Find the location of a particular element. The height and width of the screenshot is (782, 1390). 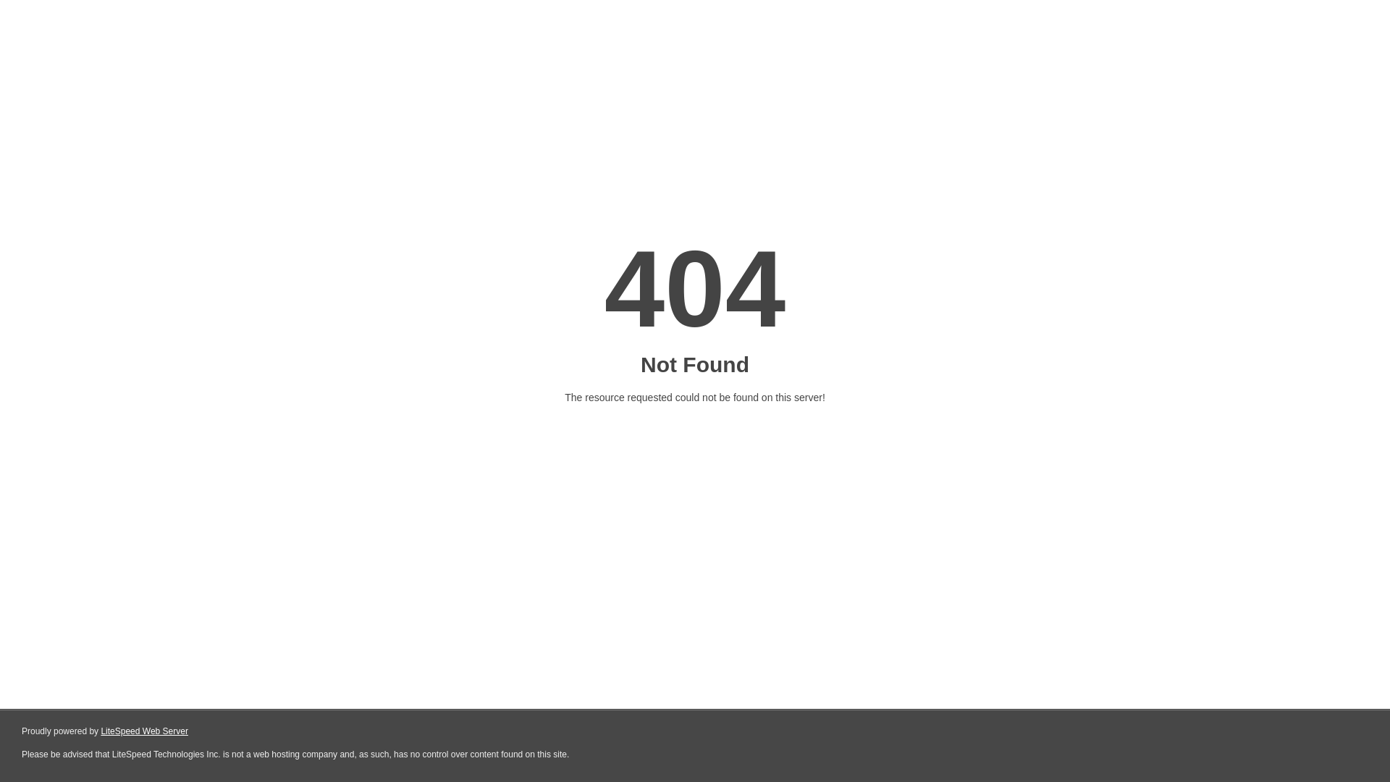

'LiteSpeed Web Server' is located at coordinates (100, 731).